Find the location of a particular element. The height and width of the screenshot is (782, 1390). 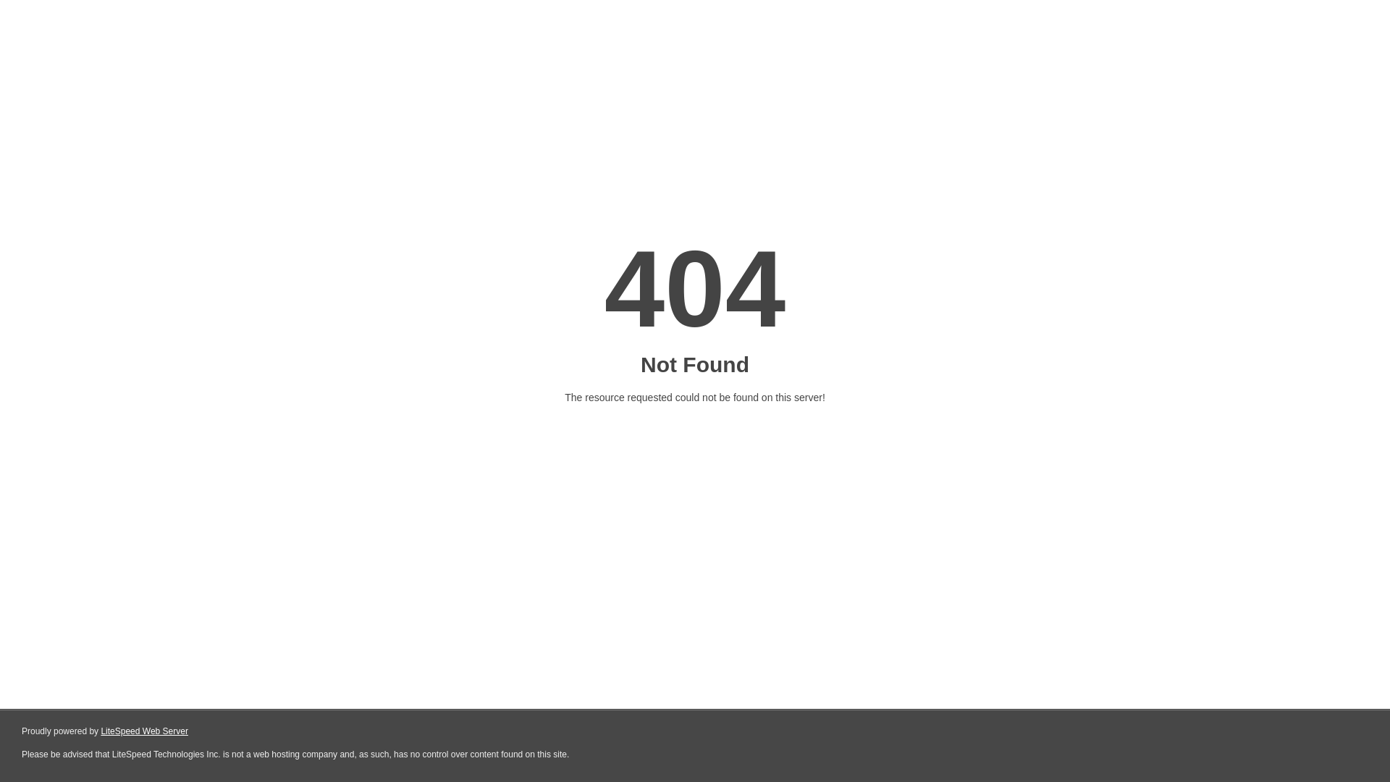

'LiteSpeed Web Server' is located at coordinates (100, 731).